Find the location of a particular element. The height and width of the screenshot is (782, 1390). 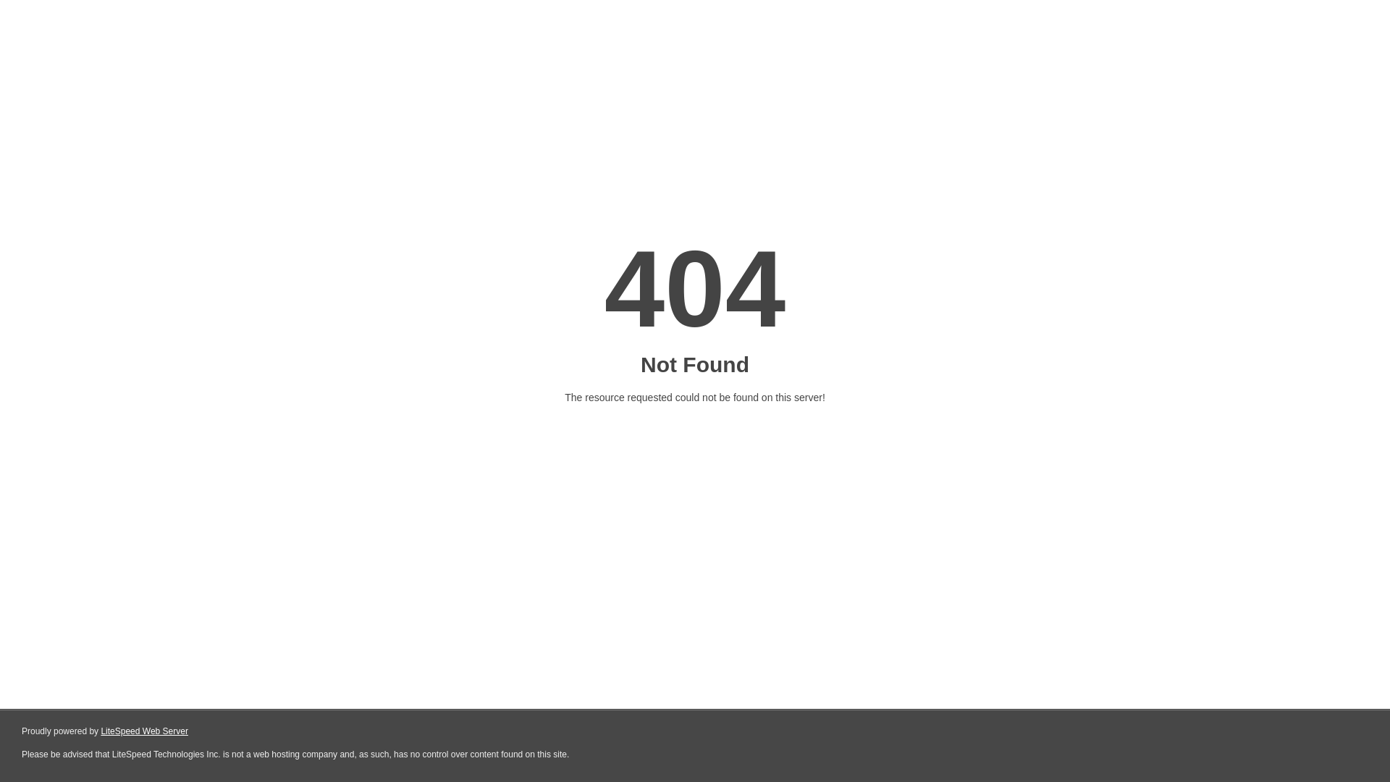

'LiteSpeed Web Server' is located at coordinates (100, 731).